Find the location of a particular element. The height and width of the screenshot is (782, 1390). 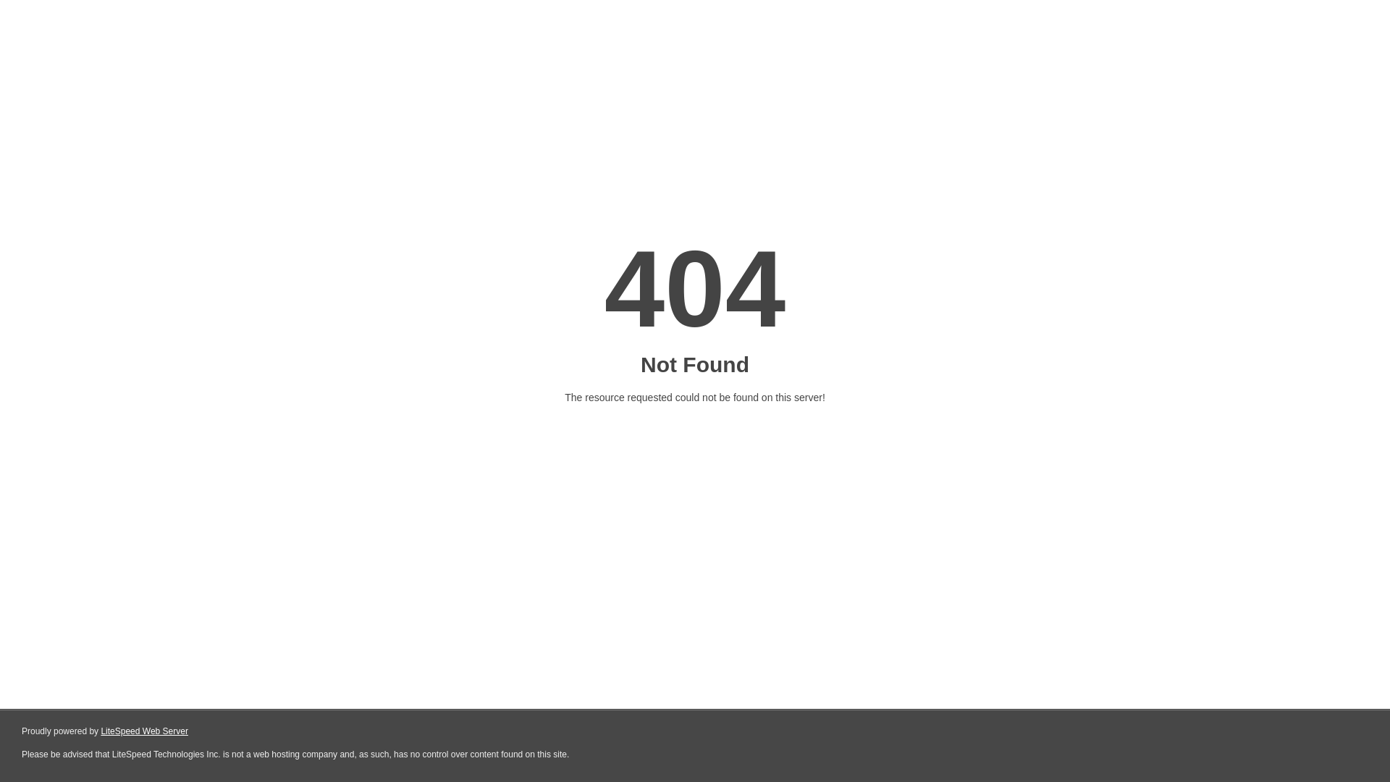

'LiteSpeed Web Server' is located at coordinates (100, 731).